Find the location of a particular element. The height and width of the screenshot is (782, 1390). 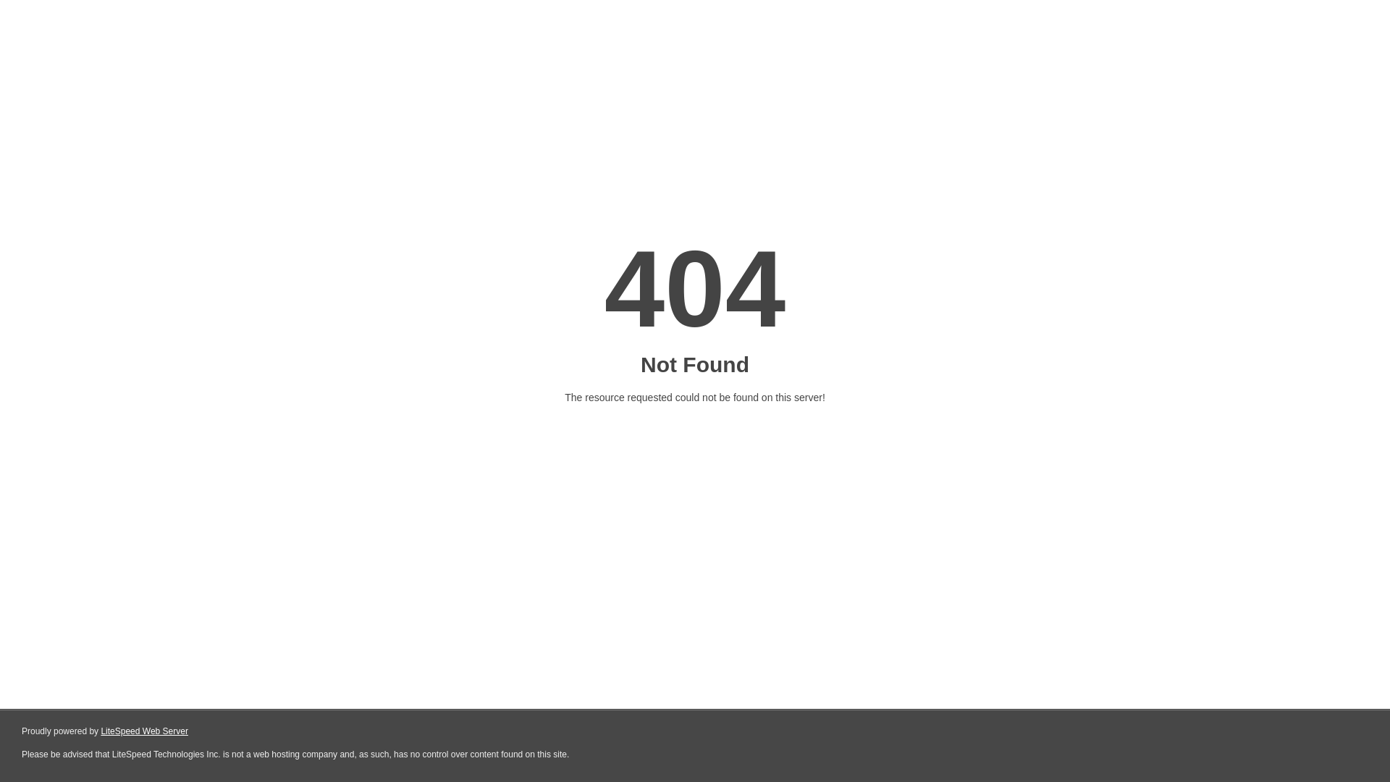

'LiteSpeed Web Server' is located at coordinates (100, 731).